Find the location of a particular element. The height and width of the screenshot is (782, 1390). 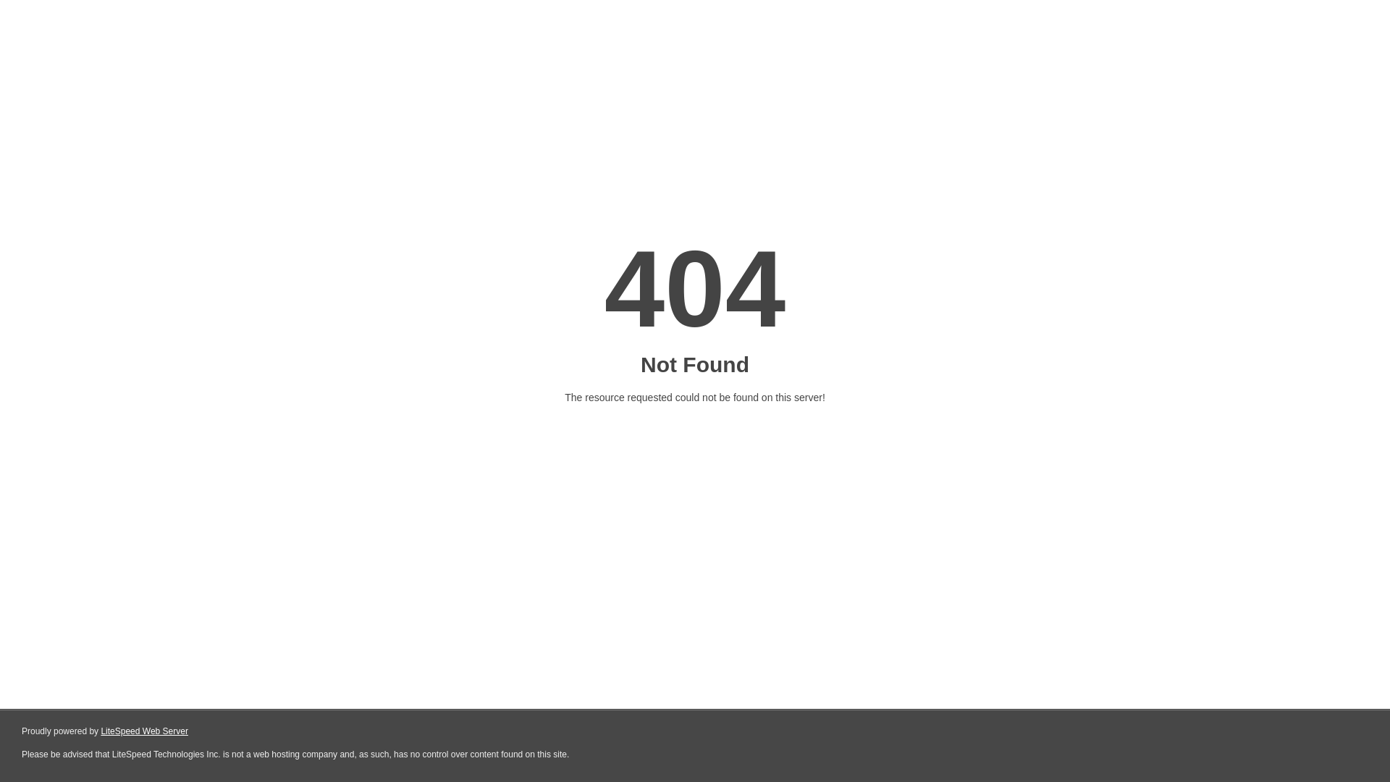

'LiteSpeed Web Server' is located at coordinates (100, 731).